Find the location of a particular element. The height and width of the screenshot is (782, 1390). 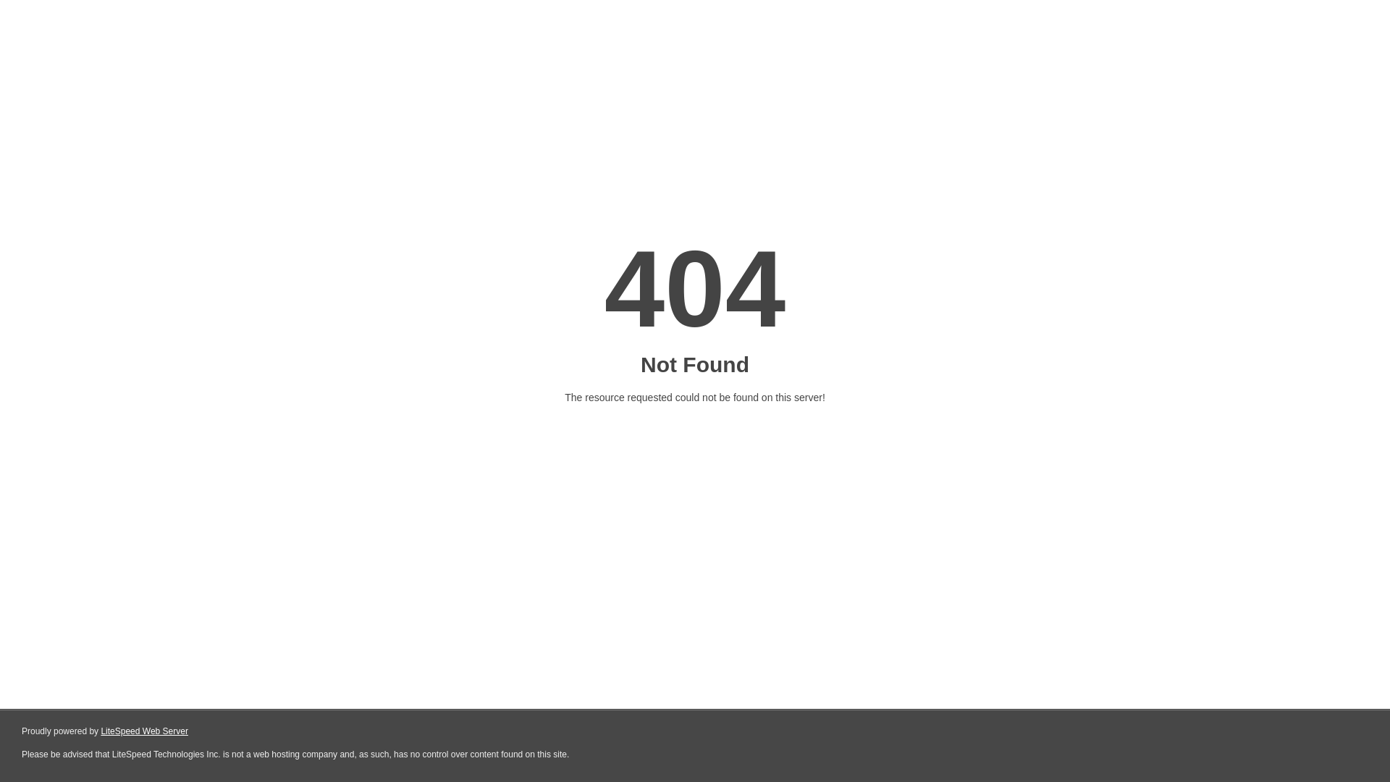

'LiteSpeed Web Server' is located at coordinates (100, 731).